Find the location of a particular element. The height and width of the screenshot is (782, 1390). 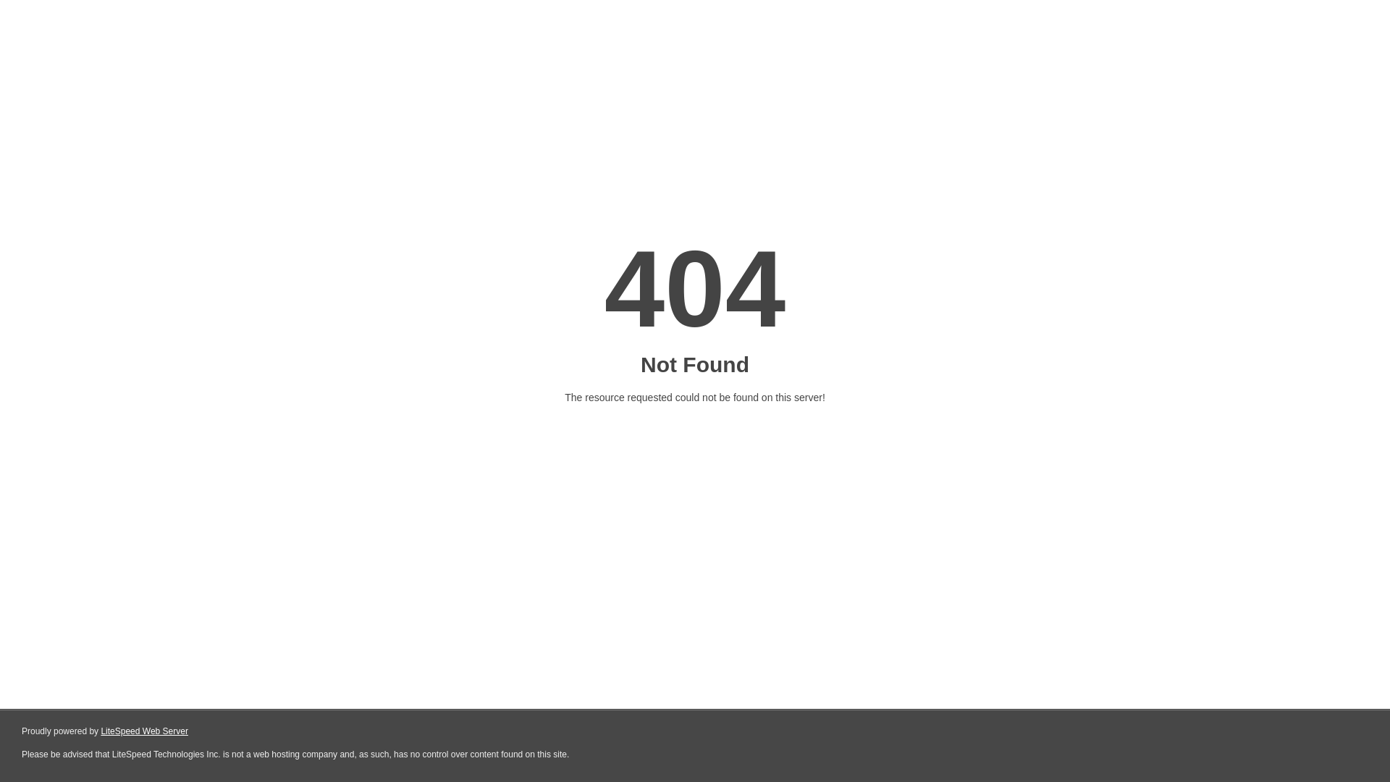

'LiteSpeed Web Server' is located at coordinates (100, 731).